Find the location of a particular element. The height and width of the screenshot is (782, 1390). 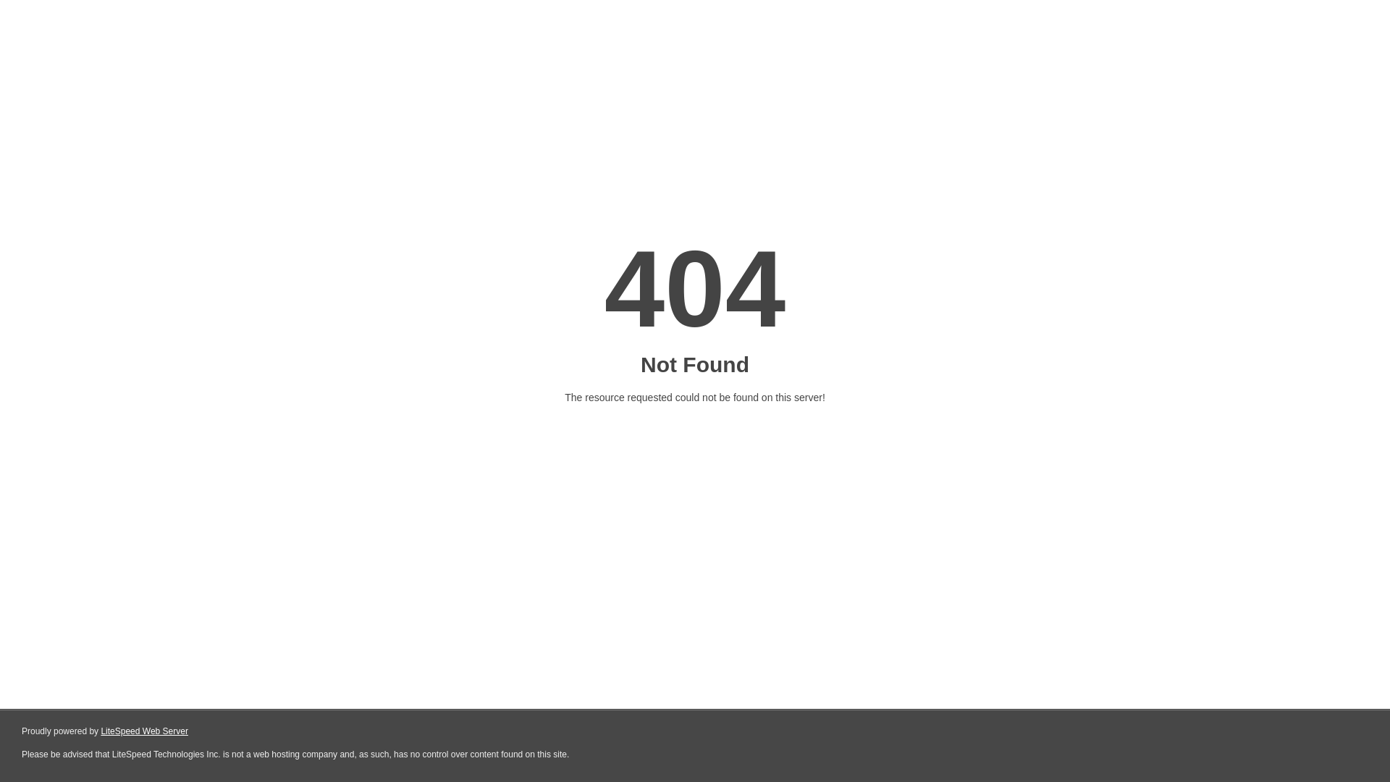

'LiteSpeed Web Server' is located at coordinates (100, 731).